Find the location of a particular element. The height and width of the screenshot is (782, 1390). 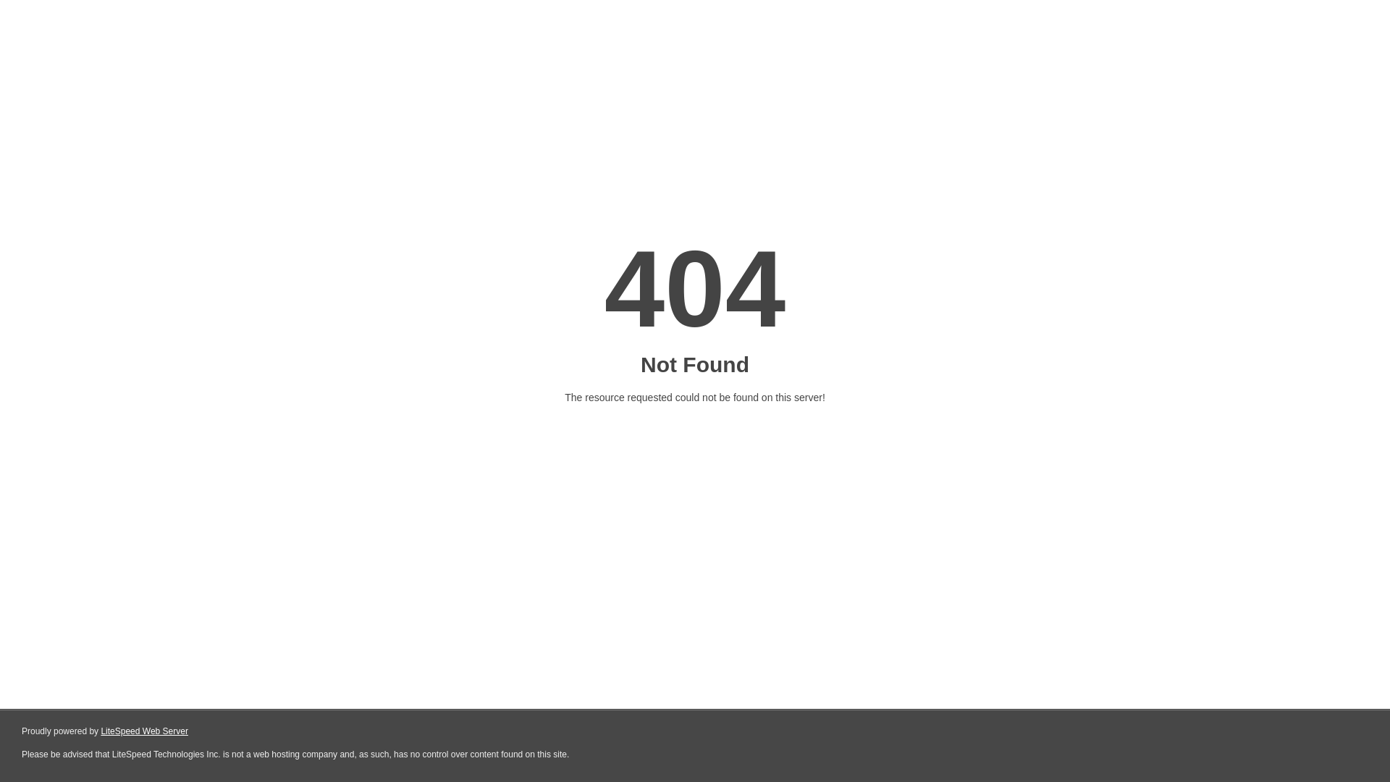

'LiteSpeed Web Server' is located at coordinates (100, 731).